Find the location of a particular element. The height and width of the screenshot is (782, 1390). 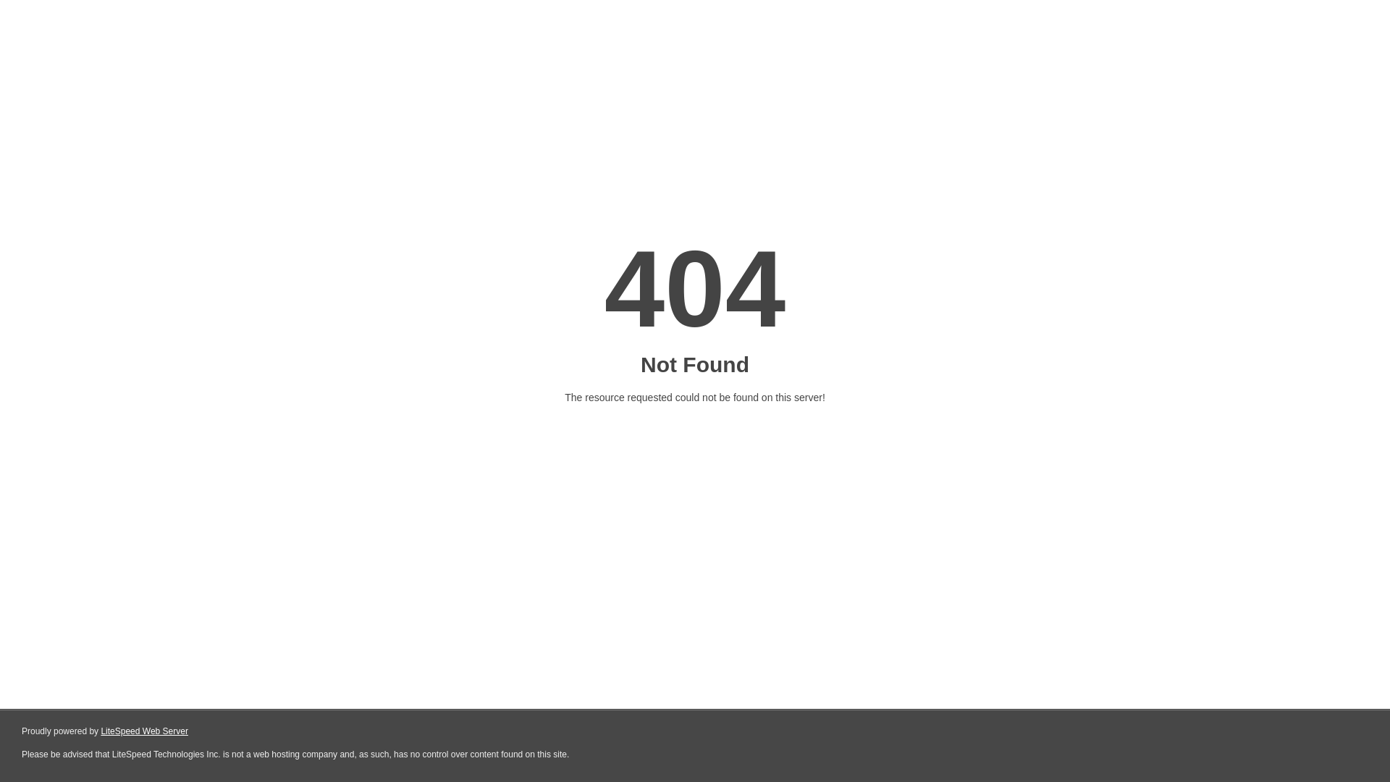

'LiteSpeed Web Server' is located at coordinates (100, 731).